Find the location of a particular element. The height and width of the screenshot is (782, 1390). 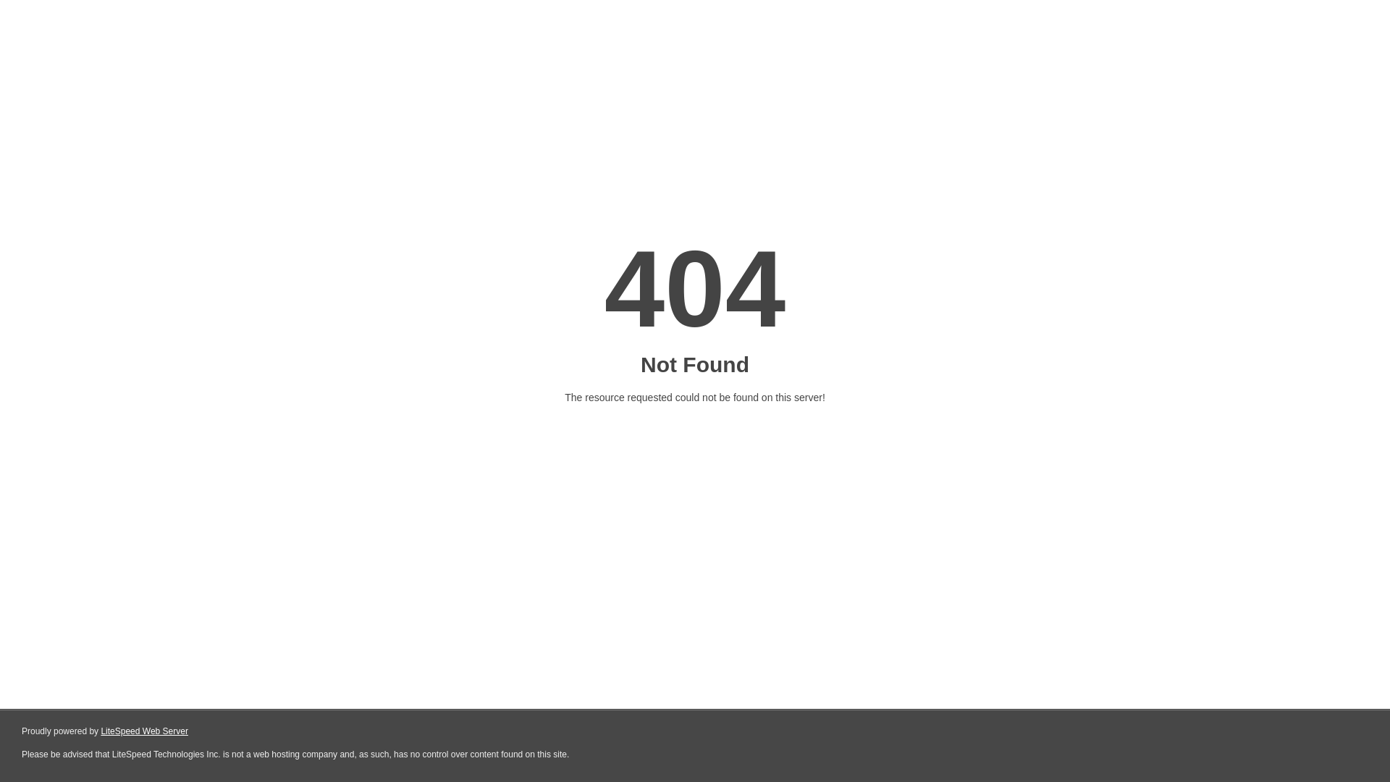

'LiteSpeed Web Server' is located at coordinates (100, 731).